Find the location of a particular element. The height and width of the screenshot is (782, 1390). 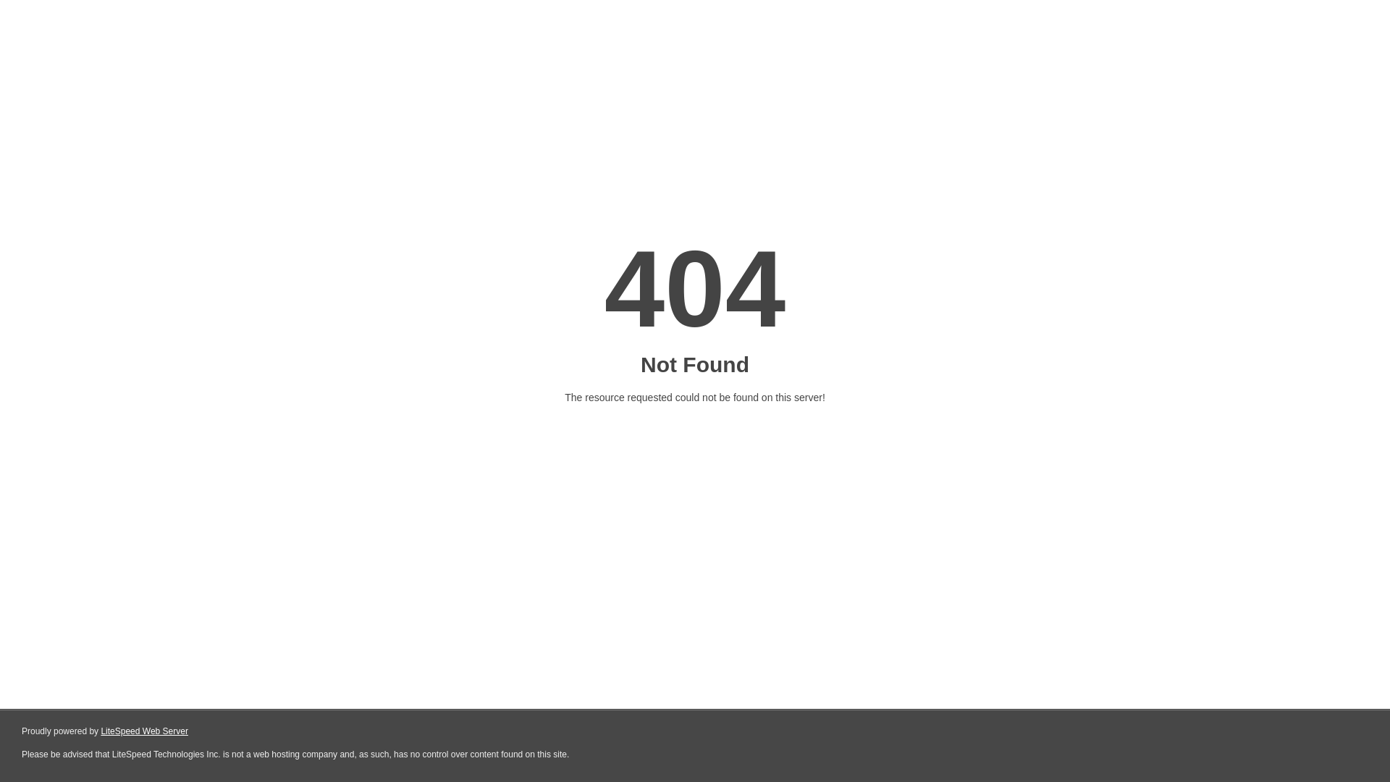

'LiteSpeed Web Server' is located at coordinates (100, 731).